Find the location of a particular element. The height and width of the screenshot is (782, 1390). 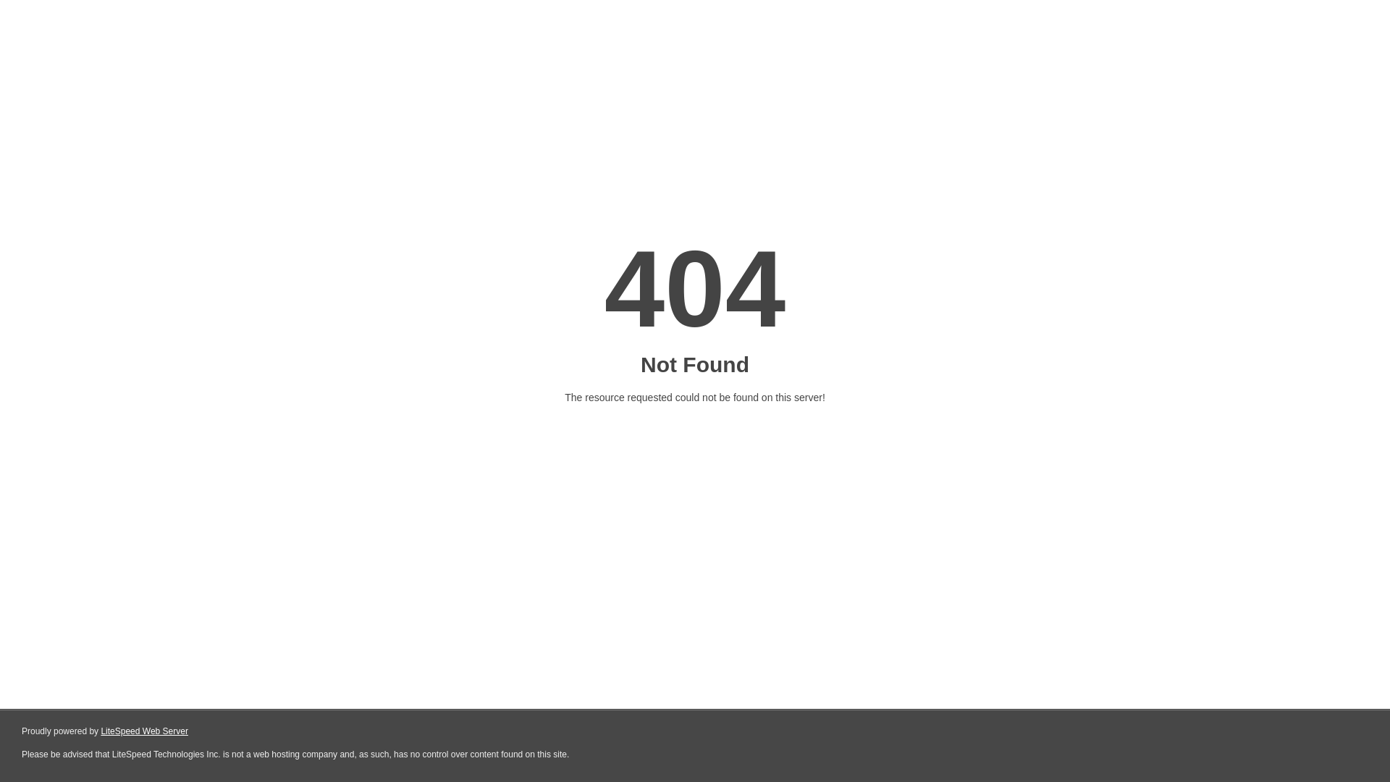

'LiteSpeed Web Server' is located at coordinates (100, 731).